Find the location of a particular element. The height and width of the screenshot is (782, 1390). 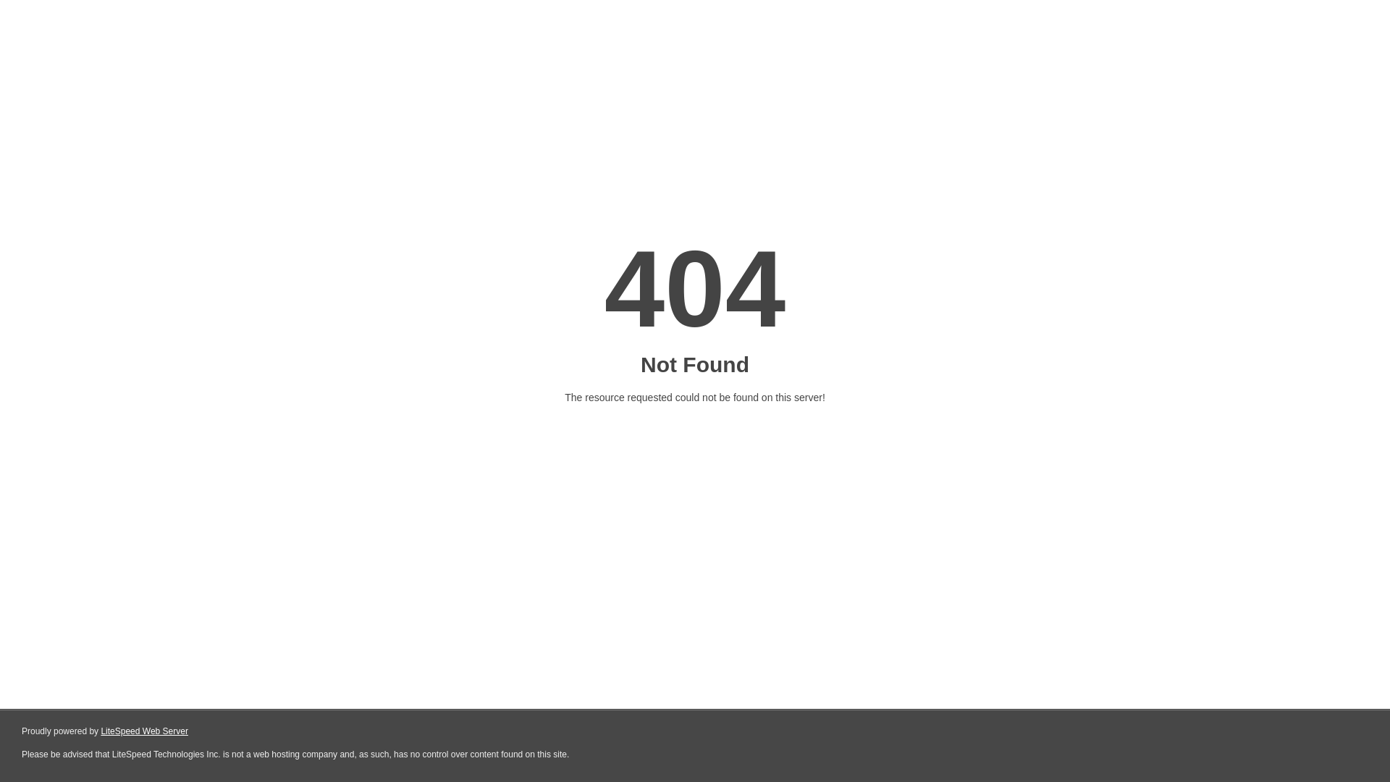

'LiteSpeed Web Server' is located at coordinates (100, 731).